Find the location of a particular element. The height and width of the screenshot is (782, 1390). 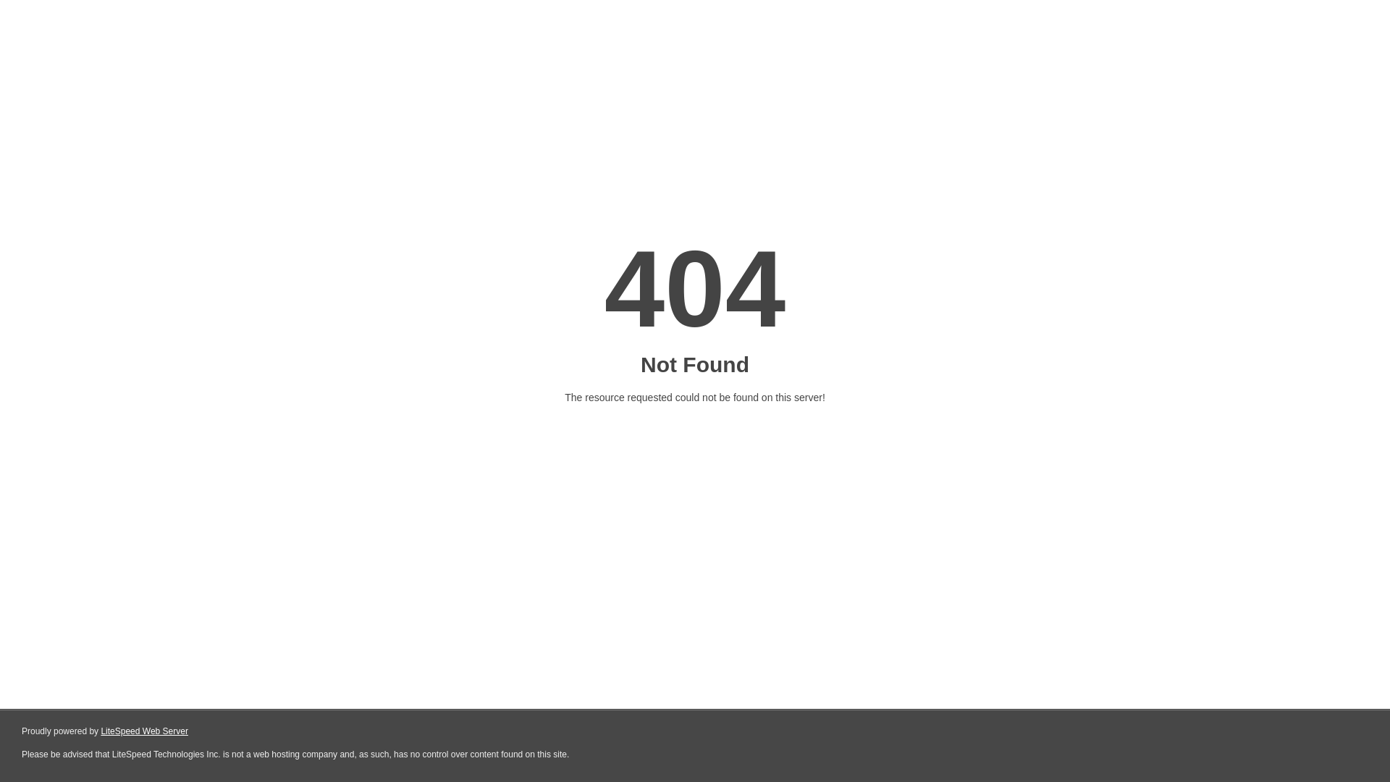

'LiteSpeed Web Server' is located at coordinates (100, 731).